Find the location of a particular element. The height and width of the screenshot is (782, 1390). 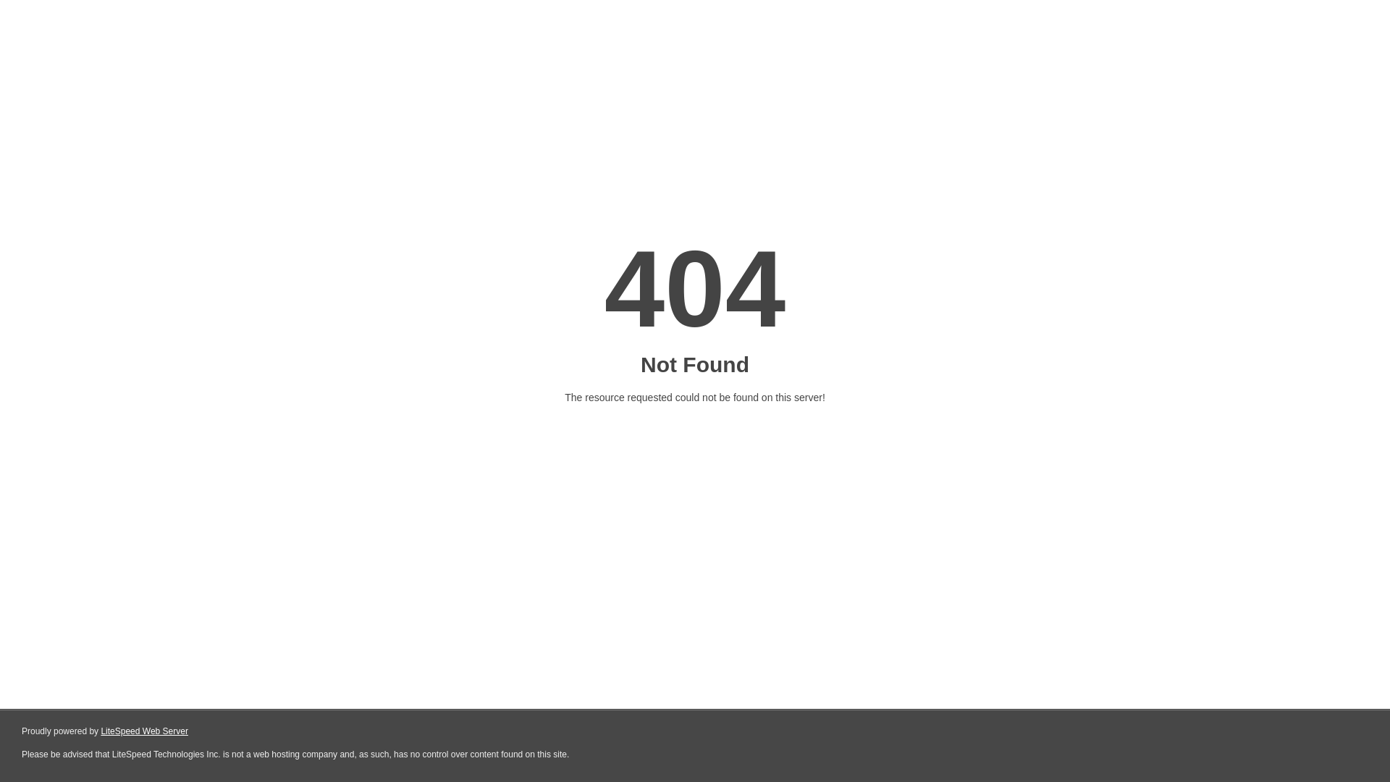

'LiteSpeed Web Server' is located at coordinates (100, 731).